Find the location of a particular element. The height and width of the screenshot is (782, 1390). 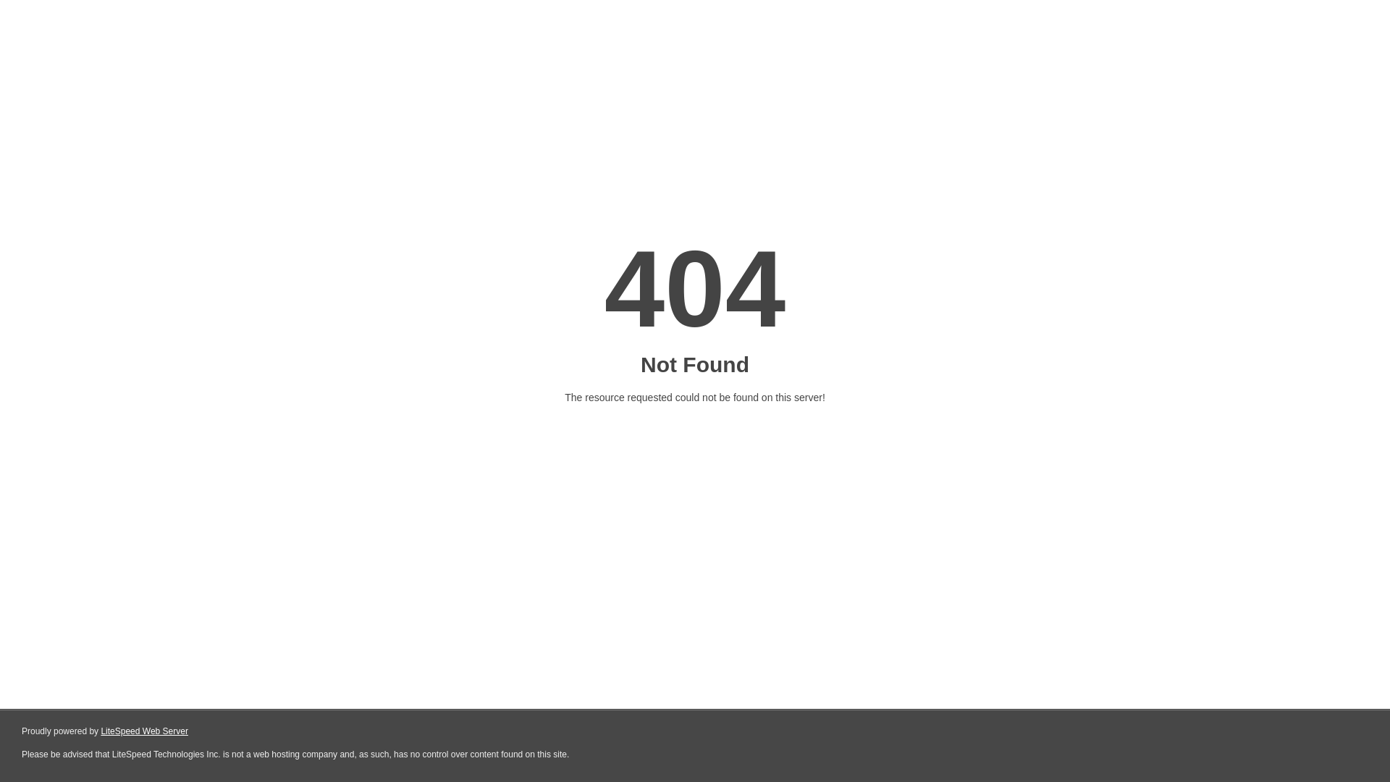

'LiteSpeed Web Server' is located at coordinates (100, 731).